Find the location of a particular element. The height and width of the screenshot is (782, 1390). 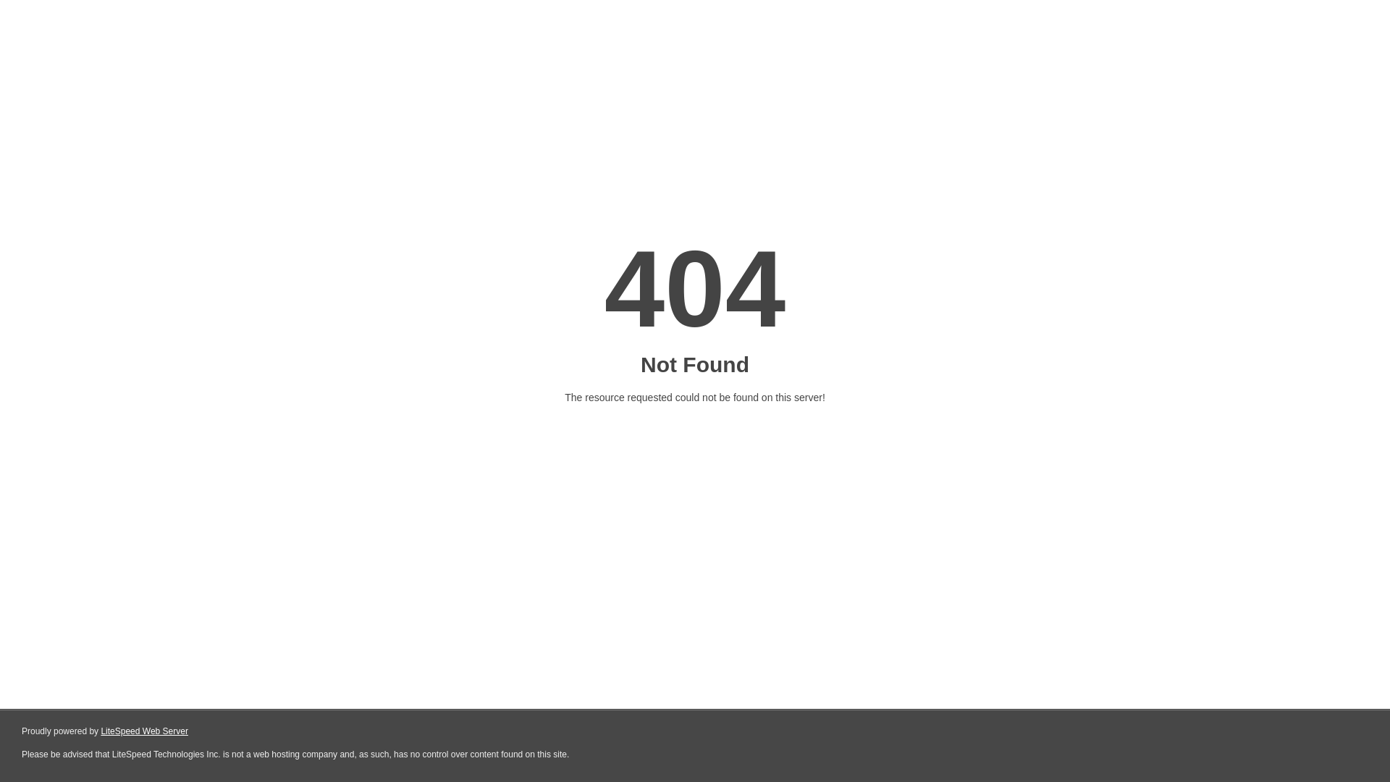

'LiteSpeed Web Server' is located at coordinates (100, 731).